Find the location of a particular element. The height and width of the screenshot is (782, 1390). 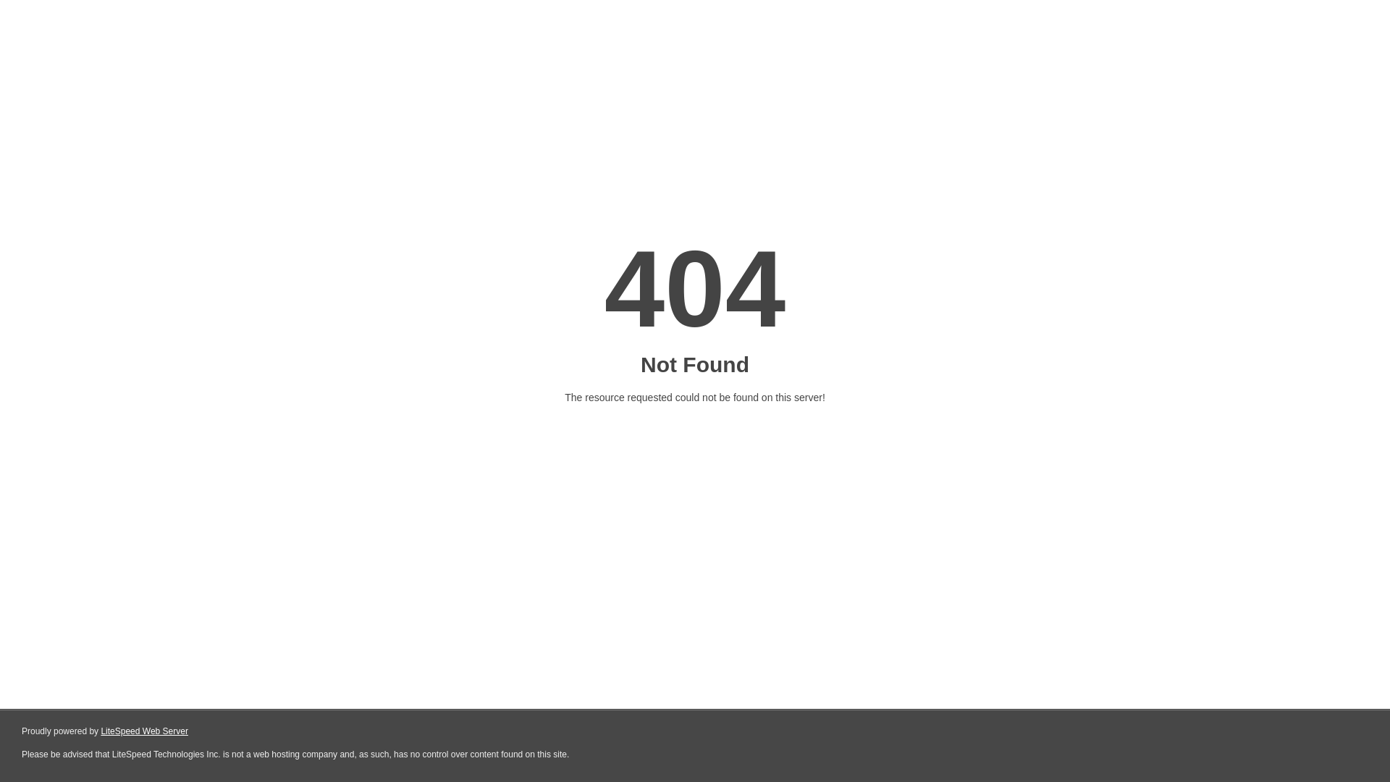

'LiteSpeed Web Server' is located at coordinates (100, 731).